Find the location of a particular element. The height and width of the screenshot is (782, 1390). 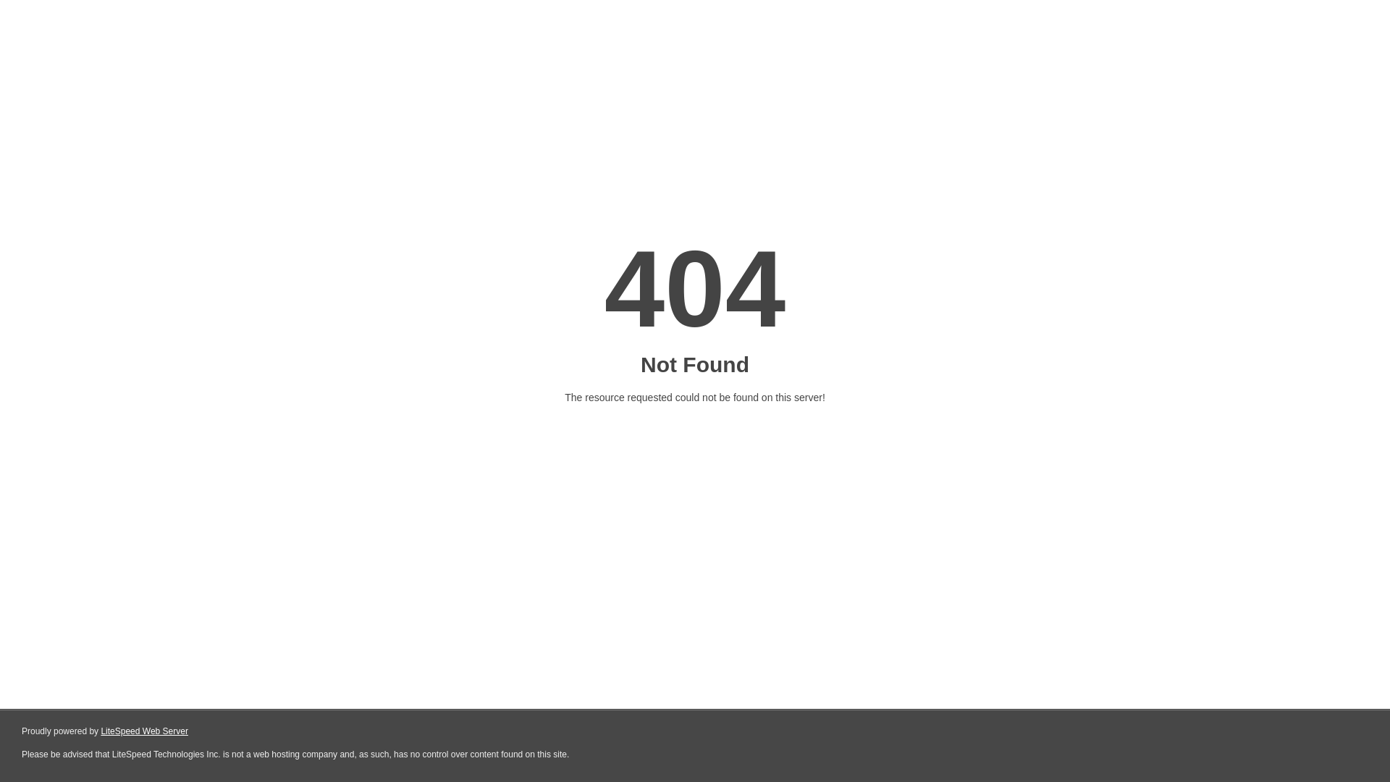

'LiteSpeed Web Server' is located at coordinates (100, 731).